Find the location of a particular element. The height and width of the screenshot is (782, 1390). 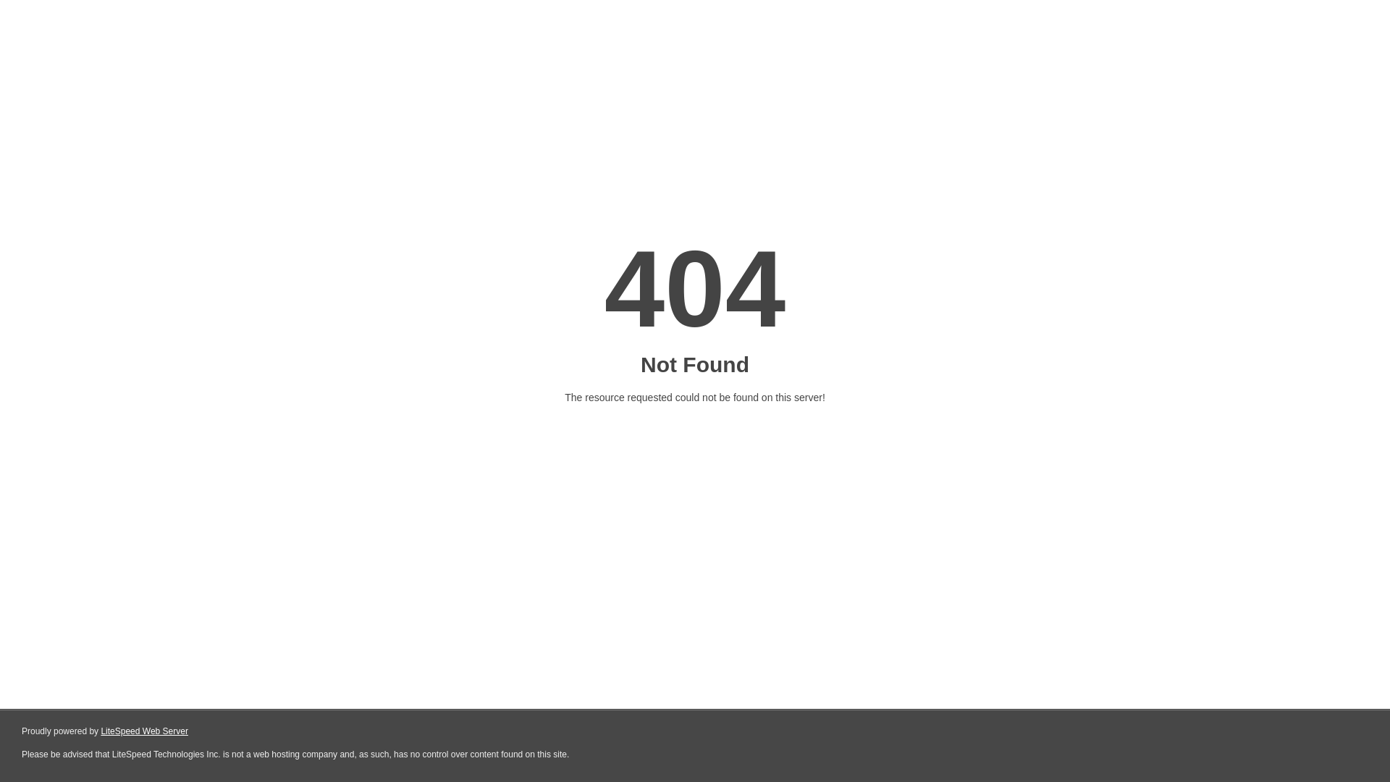

'LiteSpeed Web Server' is located at coordinates (100, 731).